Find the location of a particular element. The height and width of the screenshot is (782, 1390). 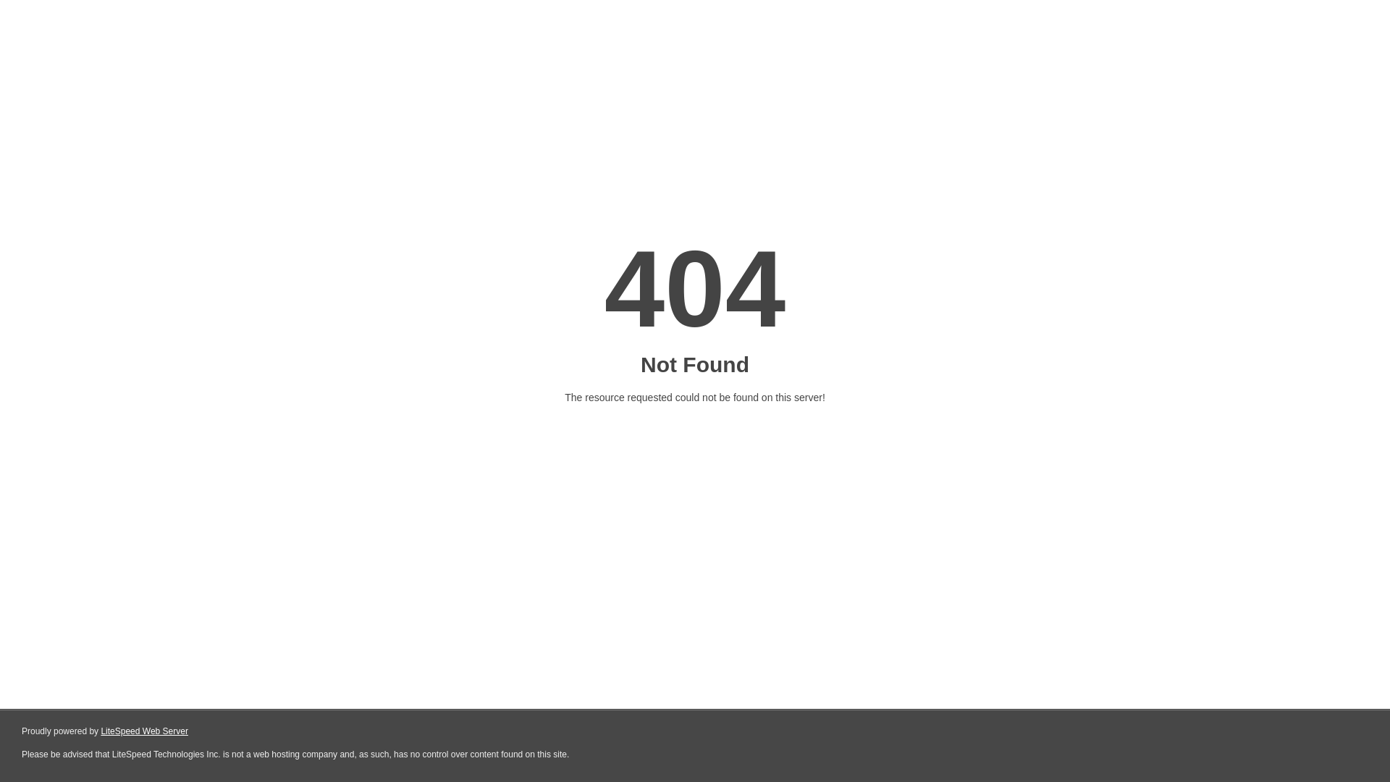

'LiteSpeed Web Server' is located at coordinates (100, 731).